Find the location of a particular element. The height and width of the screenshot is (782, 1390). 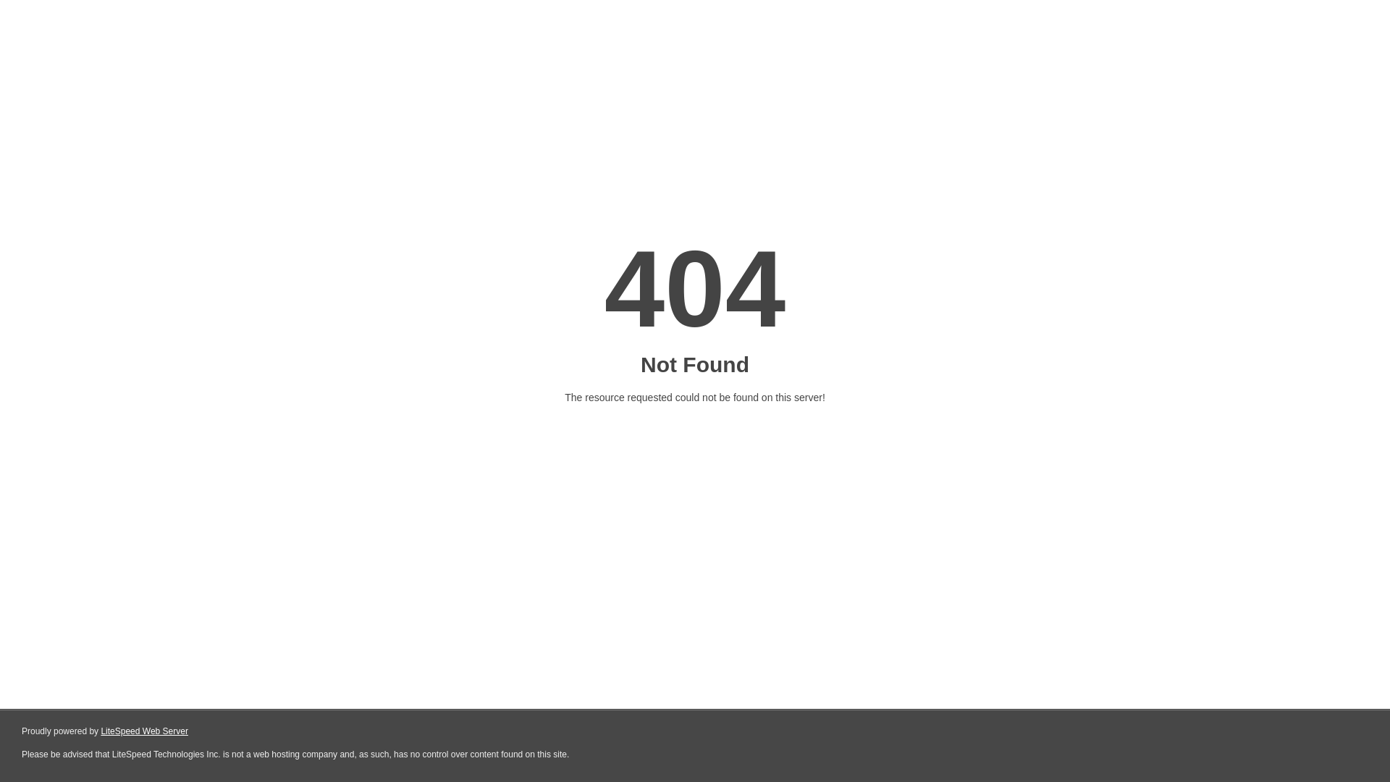

'LiteSpeed Web Server' is located at coordinates (100, 731).